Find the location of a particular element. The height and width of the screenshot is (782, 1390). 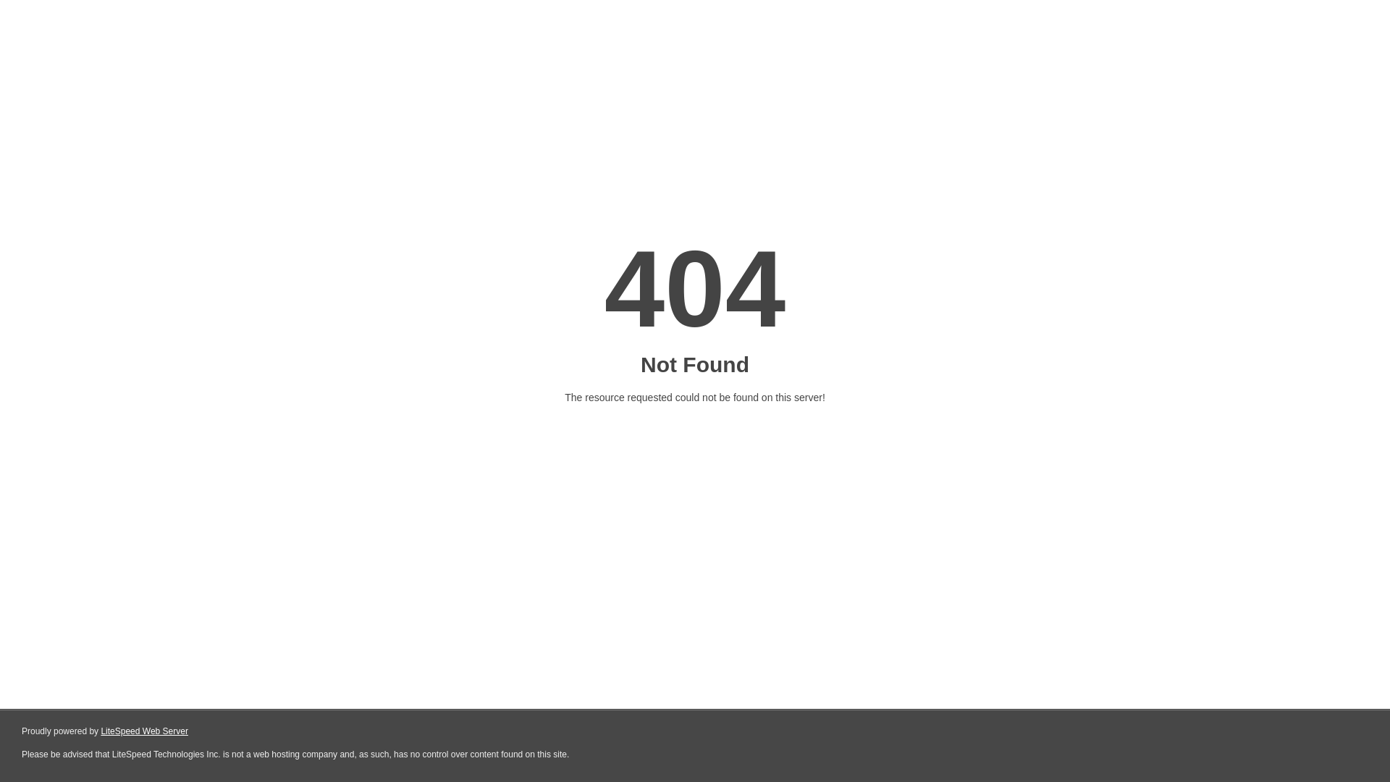

'LiteSpeed Web Server' is located at coordinates (100, 731).